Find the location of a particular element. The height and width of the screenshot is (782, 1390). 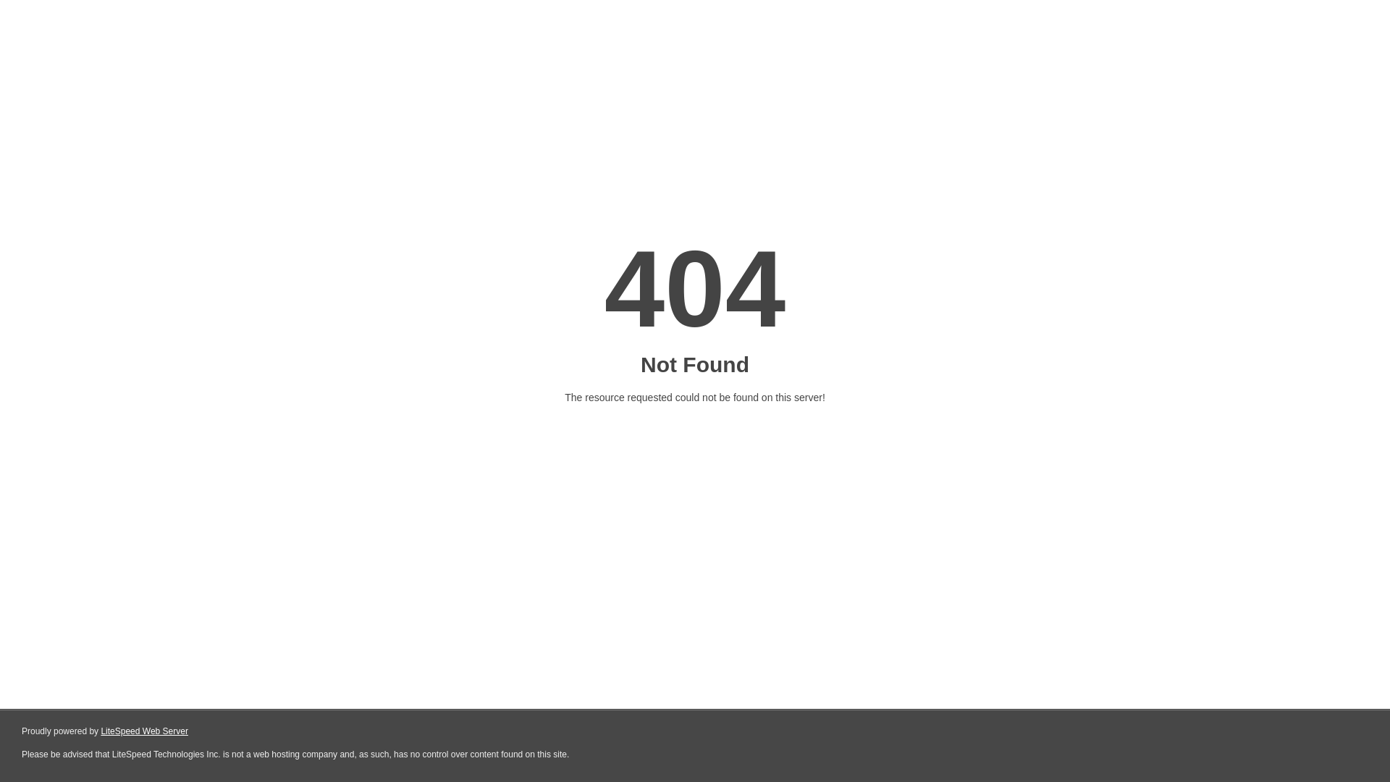

'LiteSpeed Web Server' is located at coordinates (100, 731).